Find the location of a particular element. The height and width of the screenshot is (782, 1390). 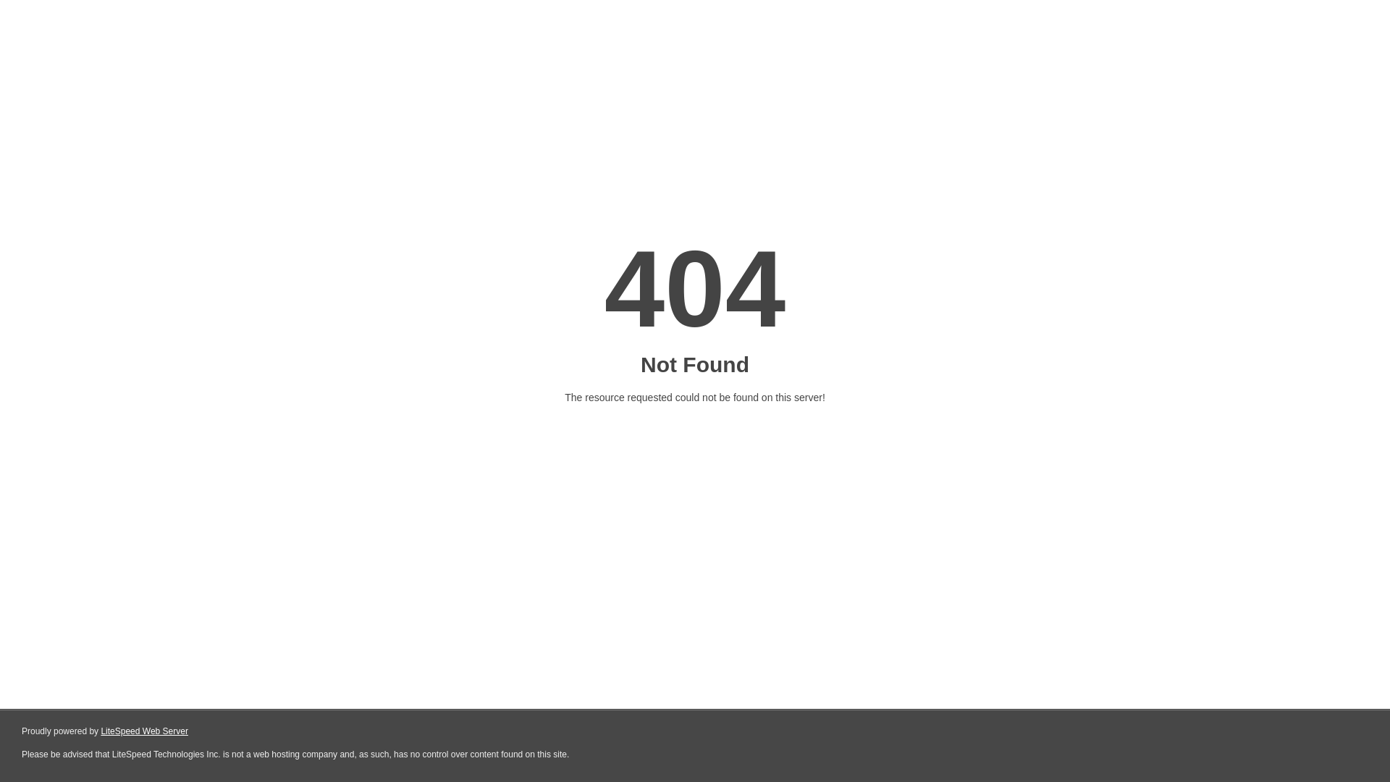

'LiteSpeed Web Server' is located at coordinates (100, 731).